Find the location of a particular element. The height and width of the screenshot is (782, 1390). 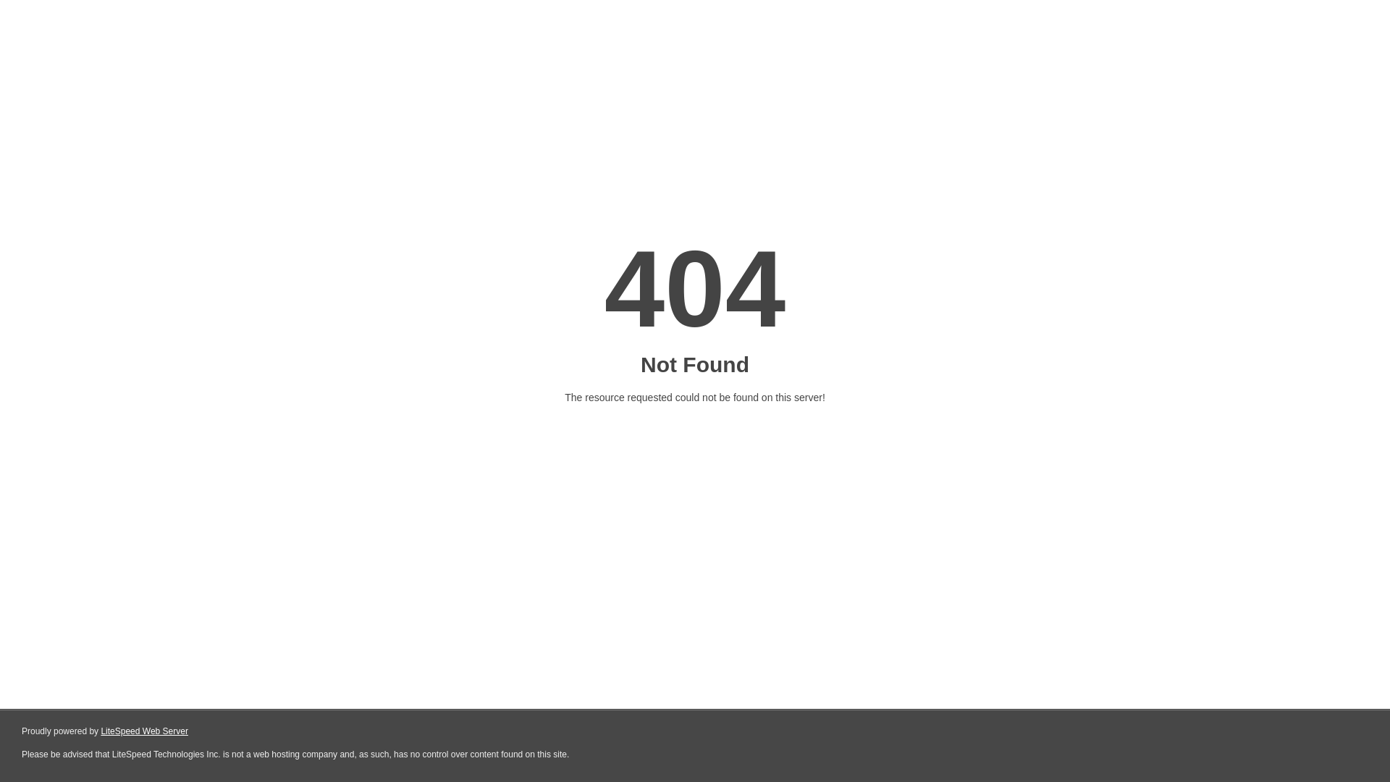

'LiteSpeed Web Server' is located at coordinates (100, 731).